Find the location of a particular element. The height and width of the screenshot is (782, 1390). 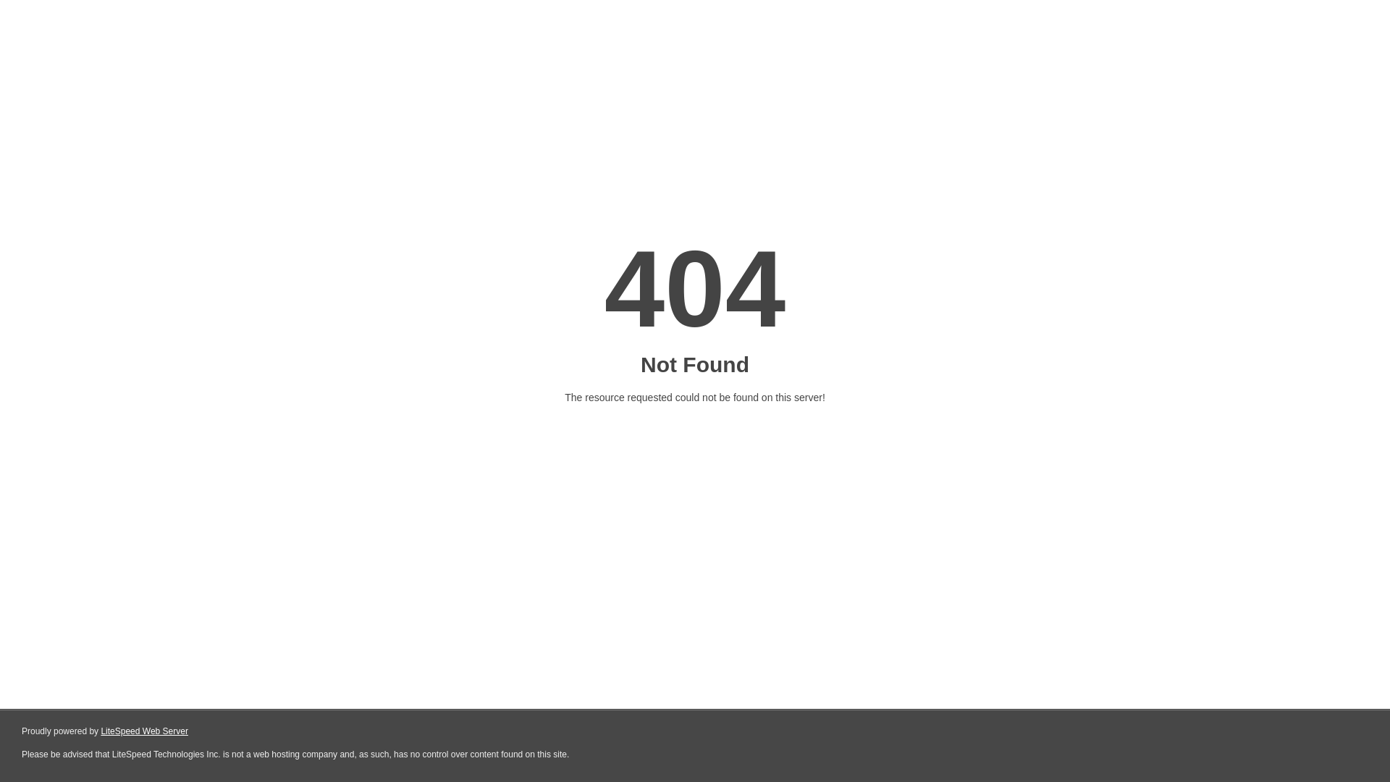

'LiteSpeed Web Server' is located at coordinates (100, 731).